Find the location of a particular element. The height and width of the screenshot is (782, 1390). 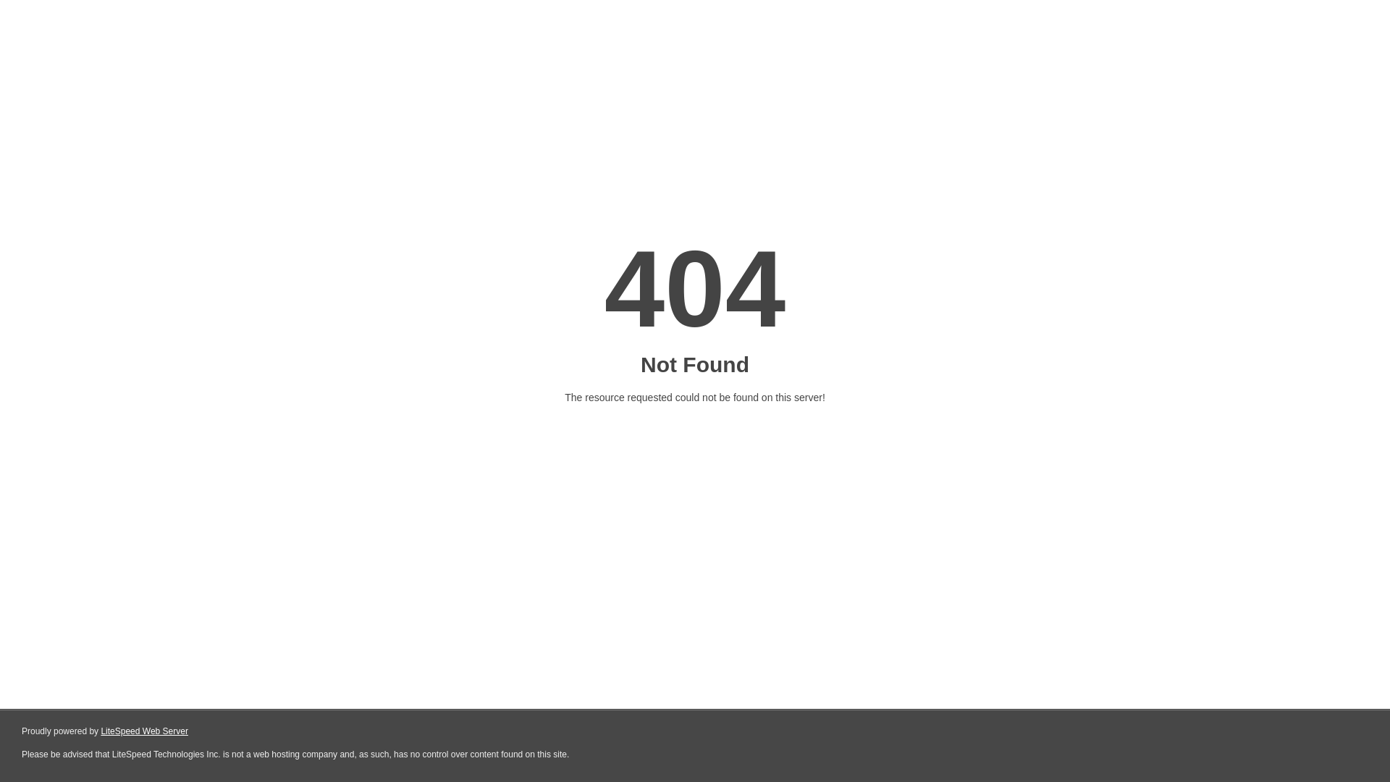

'LiteSpeed Web Server' is located at coordinates (100, 731).